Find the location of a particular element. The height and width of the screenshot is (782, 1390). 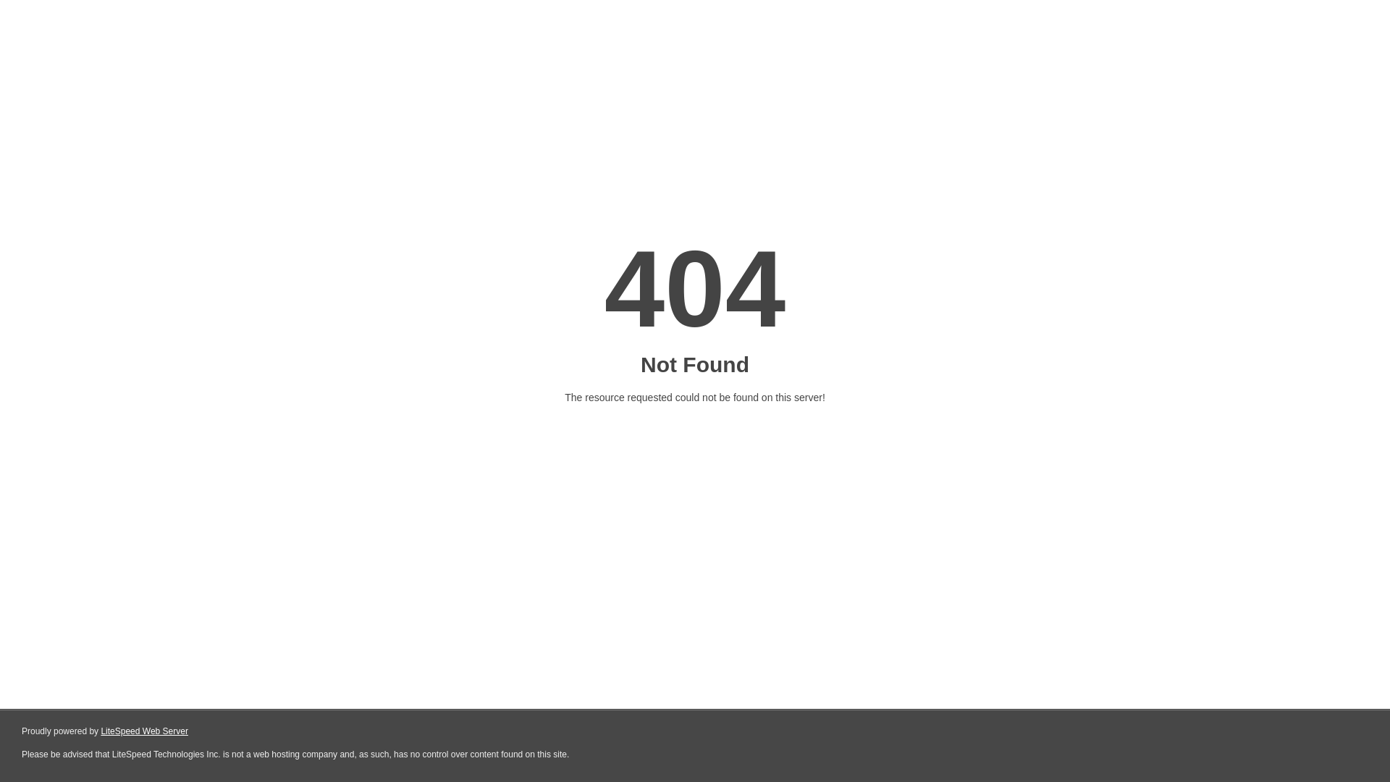

'LiteSpeed Web Server' is located at coordinates (100, 731).